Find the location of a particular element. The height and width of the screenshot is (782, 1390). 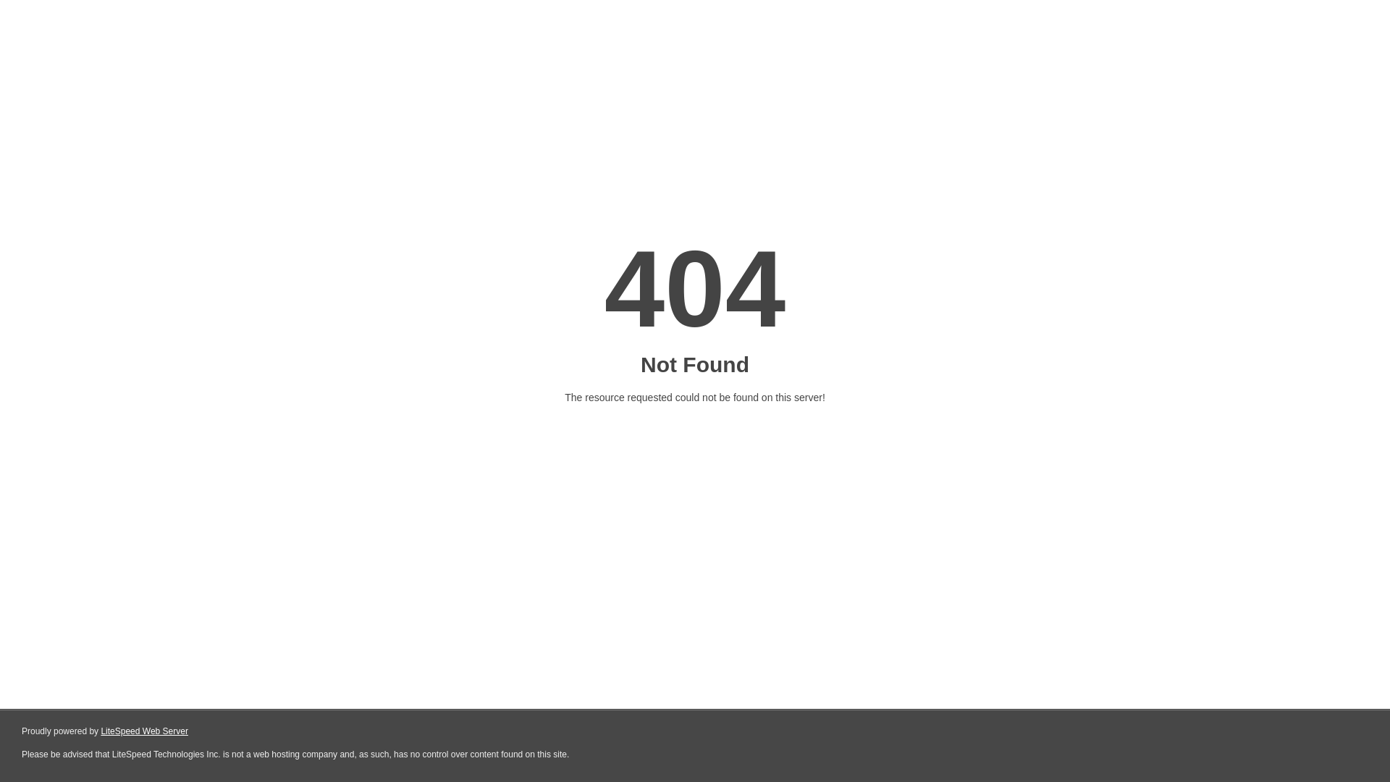

'LiteSpeed Web Server' is located at coordinates (100, 731).